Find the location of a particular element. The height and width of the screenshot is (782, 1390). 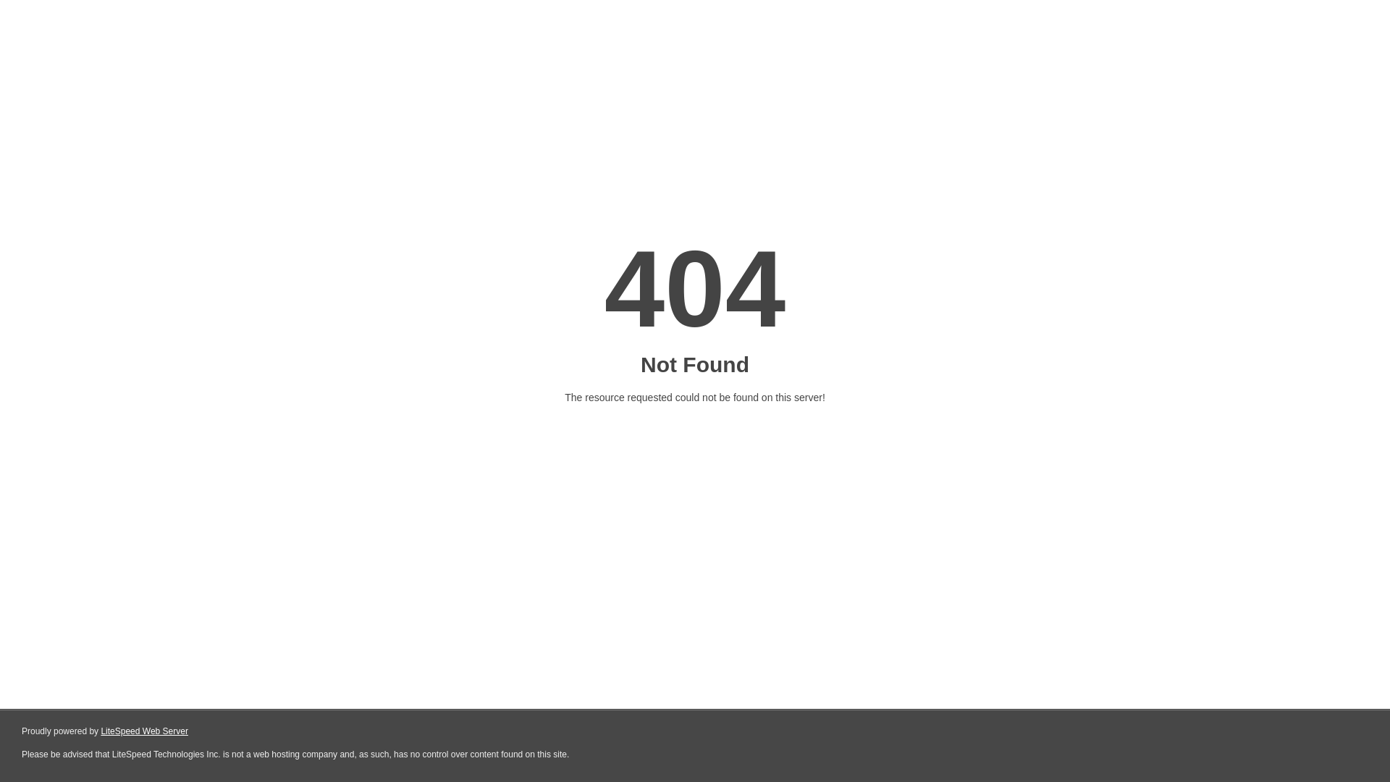

'LiteSpeed Web Server' is located at coordinates (100, 731).